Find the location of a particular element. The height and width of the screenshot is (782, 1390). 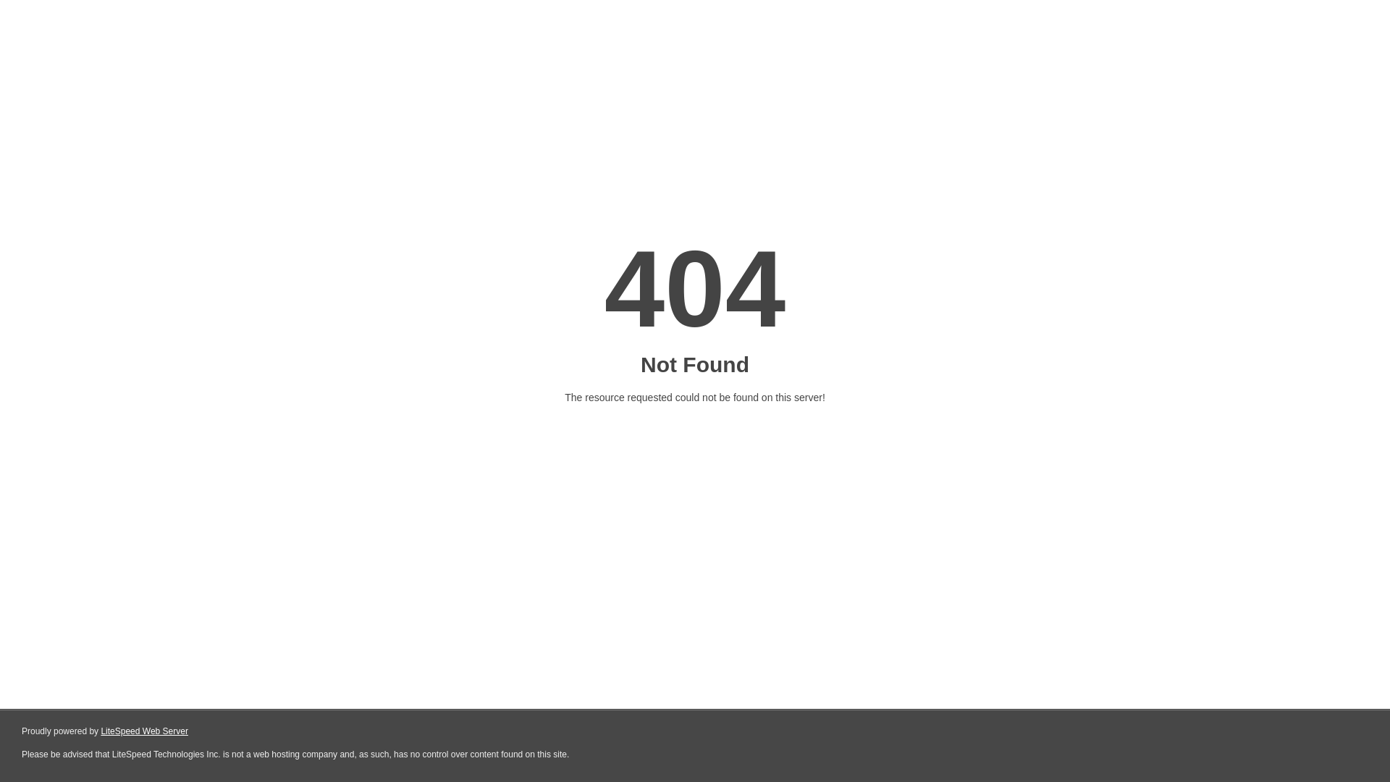

'LiteSpeed Web Server' is located at coordinates (100, 731).